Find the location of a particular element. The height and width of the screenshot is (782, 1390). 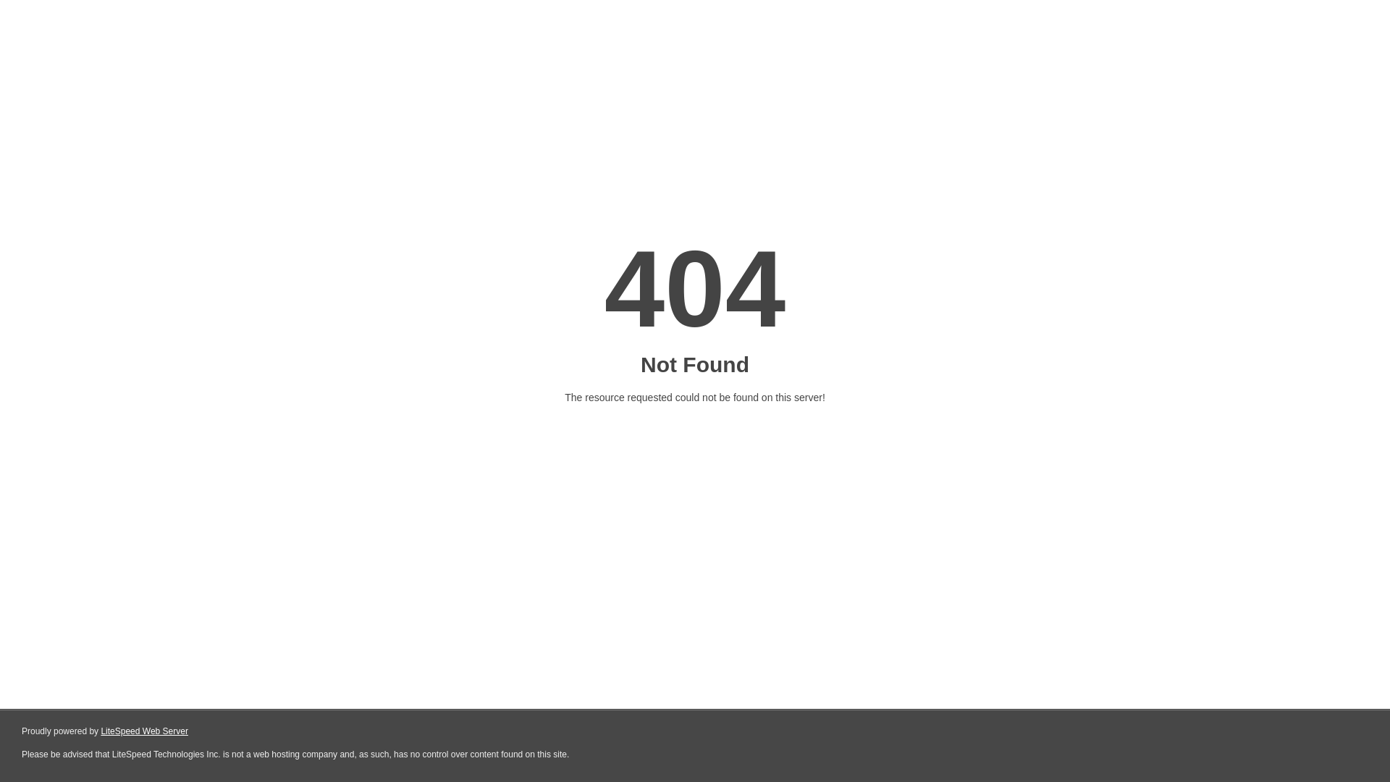

'LiteSpeed Web Server' is located at coordinates (100, 731).